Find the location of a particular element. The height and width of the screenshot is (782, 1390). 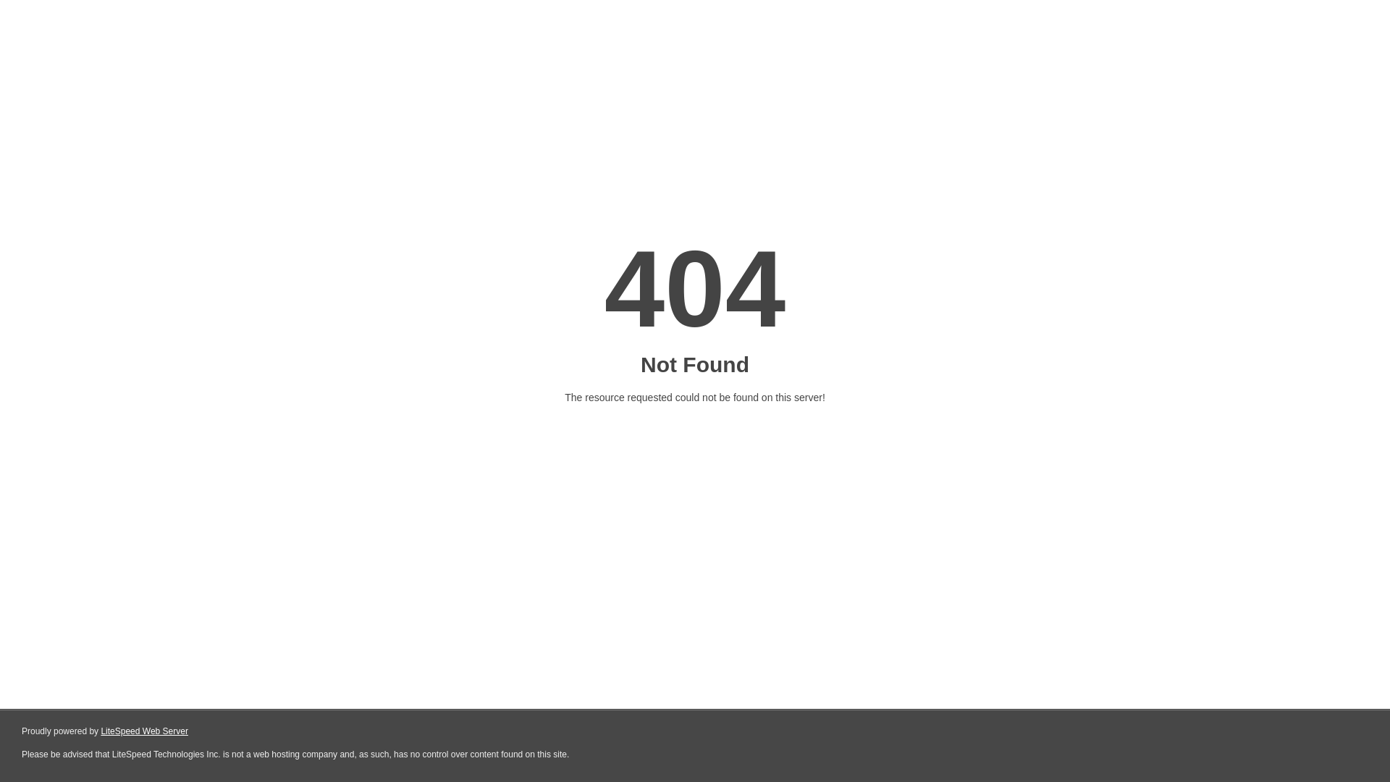

'LiteSpeed Web Server' is located at coordinates (100, 731).